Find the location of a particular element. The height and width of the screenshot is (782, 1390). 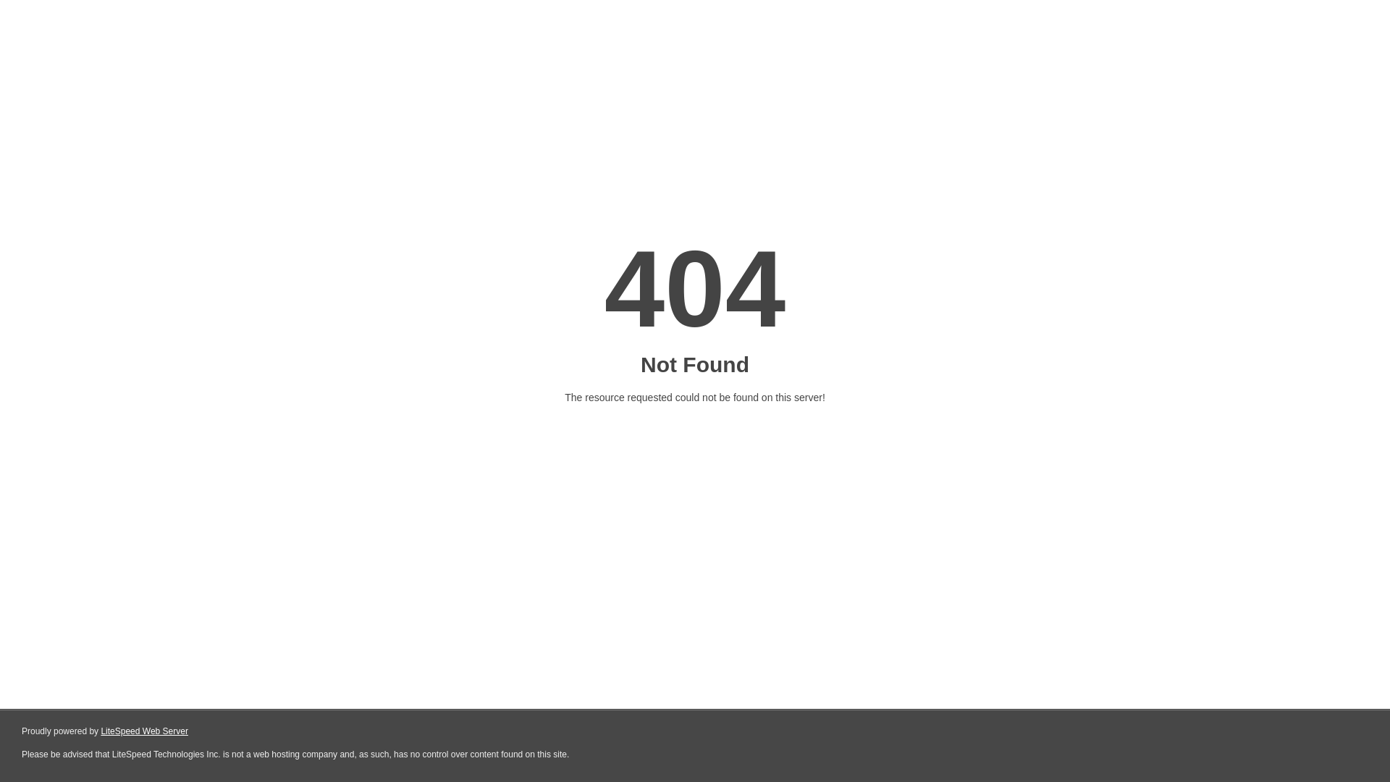

'LiteSpeed Web Server' is located at coordinates (100, 731).